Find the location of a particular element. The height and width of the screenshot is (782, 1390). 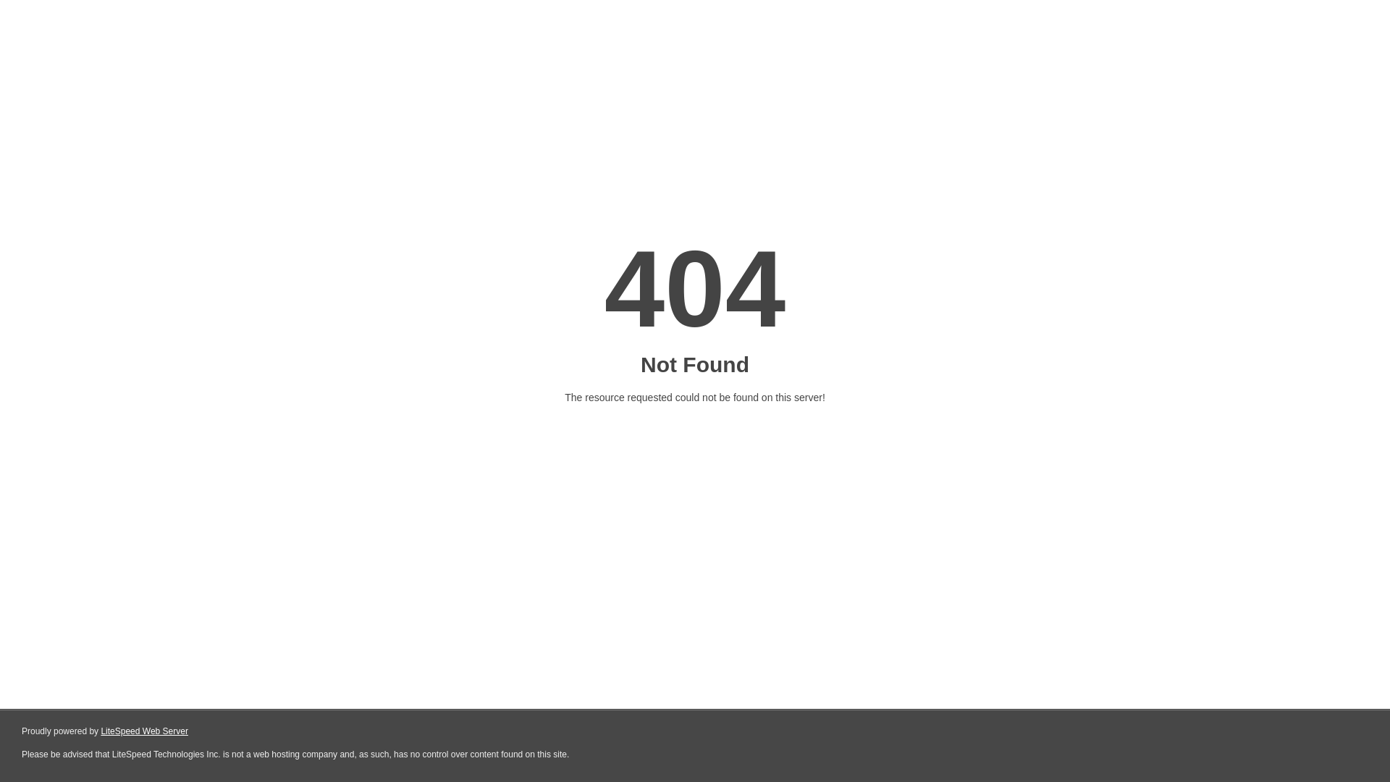

'LiteSpeed Web Server' is located at coordinates (100, 731).